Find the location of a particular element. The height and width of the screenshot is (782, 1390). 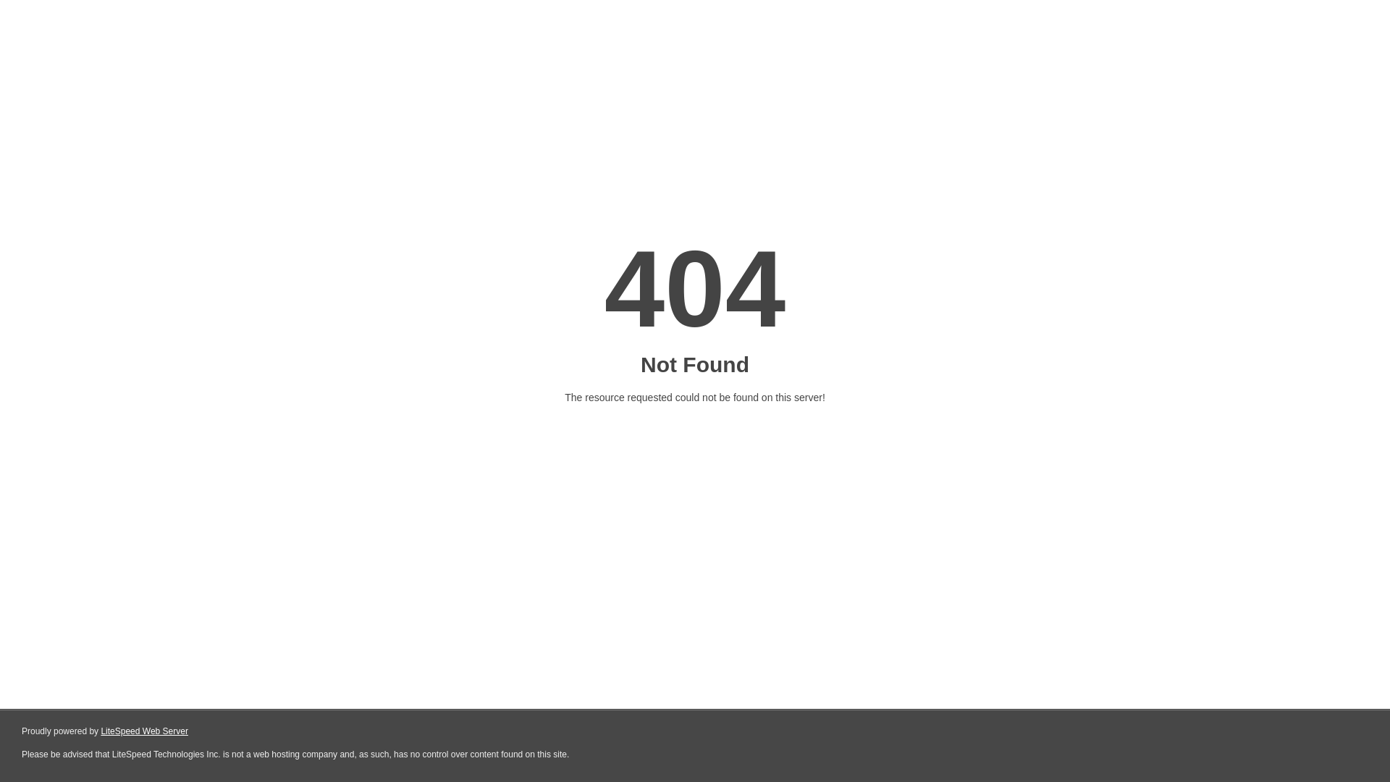

'LiteSpeed Web Server' is located at coordinates (100, 731).